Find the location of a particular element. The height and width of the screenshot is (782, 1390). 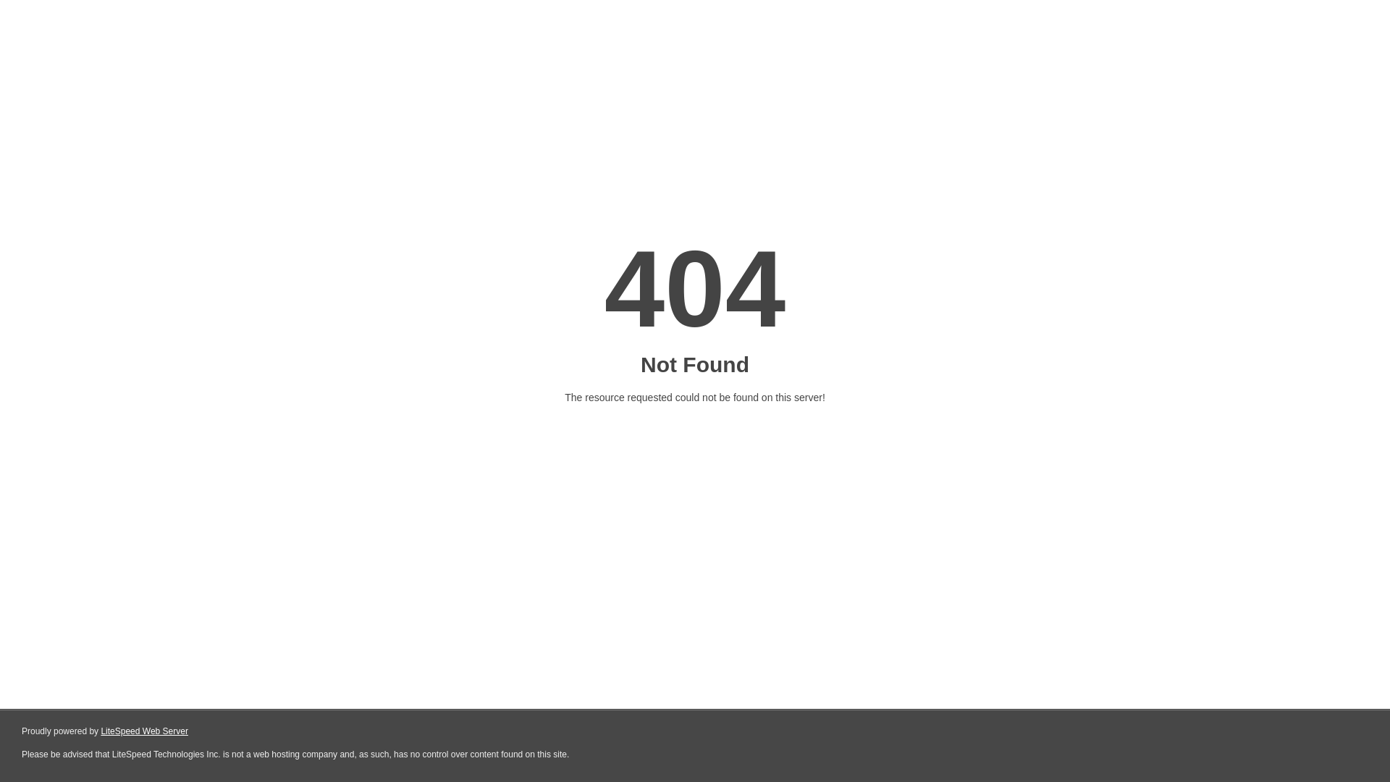

'LiteSpeed Web Server' is located at coordinates (100, 731).